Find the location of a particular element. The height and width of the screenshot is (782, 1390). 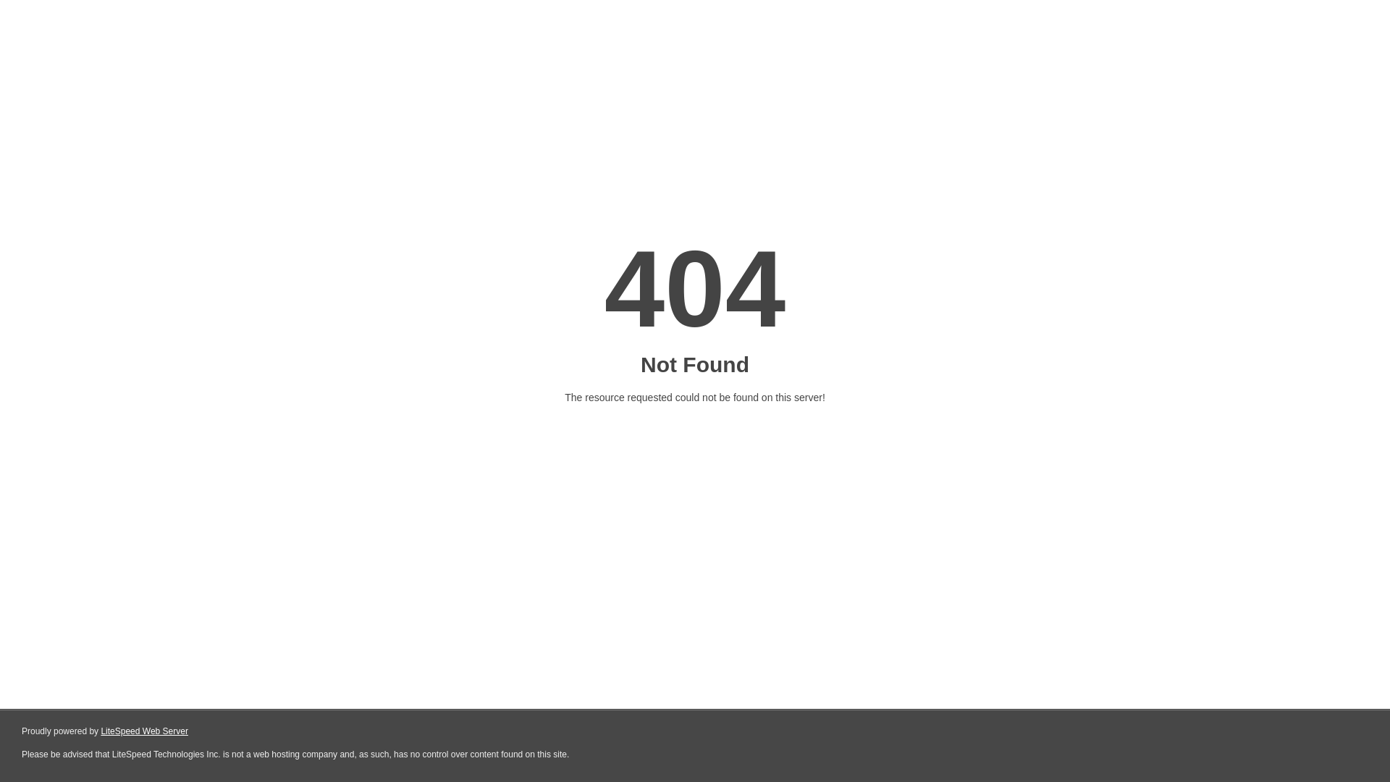

'LiteSpeed Web Server' is located at coordinates (100, 731).